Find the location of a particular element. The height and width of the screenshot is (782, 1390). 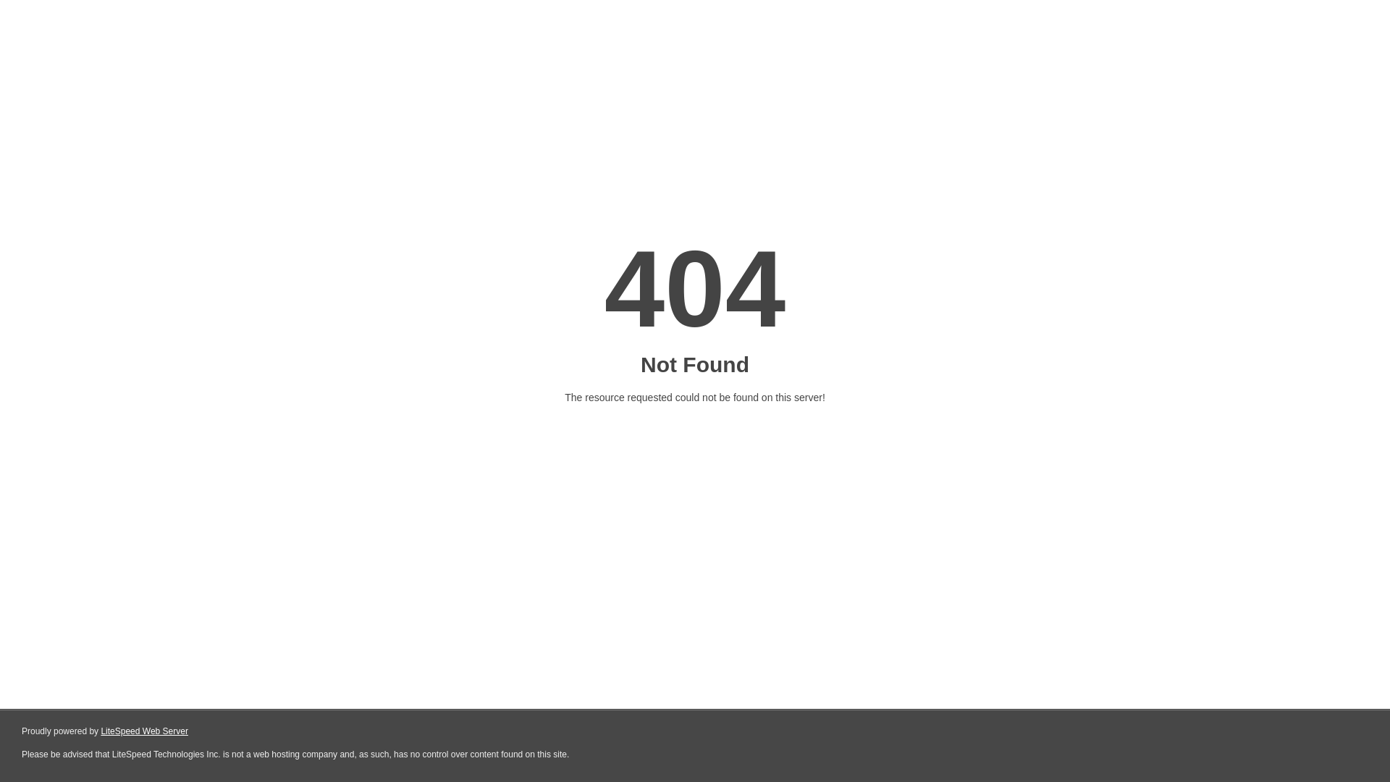

'LiteSpeed Web Server' is located at coordinates (100, 731).